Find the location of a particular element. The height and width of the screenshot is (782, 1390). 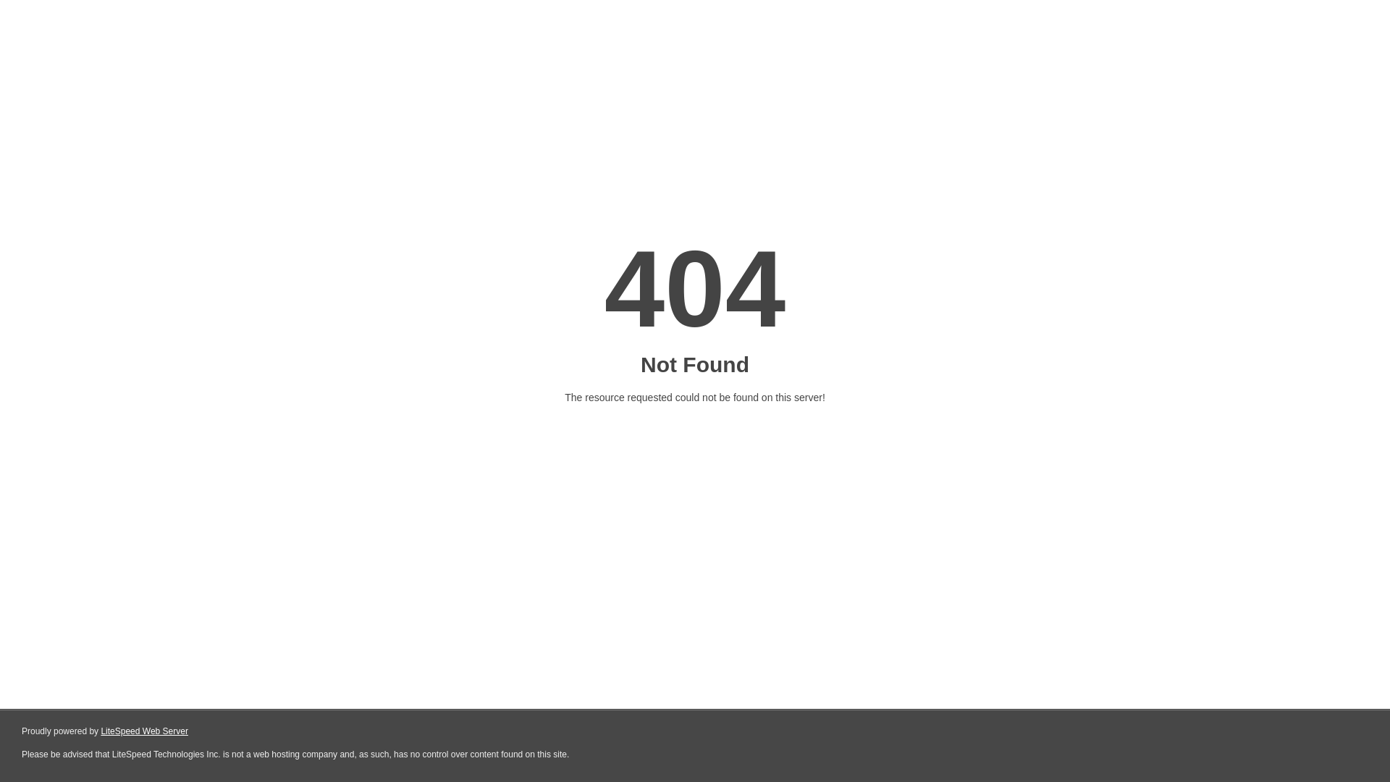

'LiteSpeed Web Server' is located at coordinates (100, 731).